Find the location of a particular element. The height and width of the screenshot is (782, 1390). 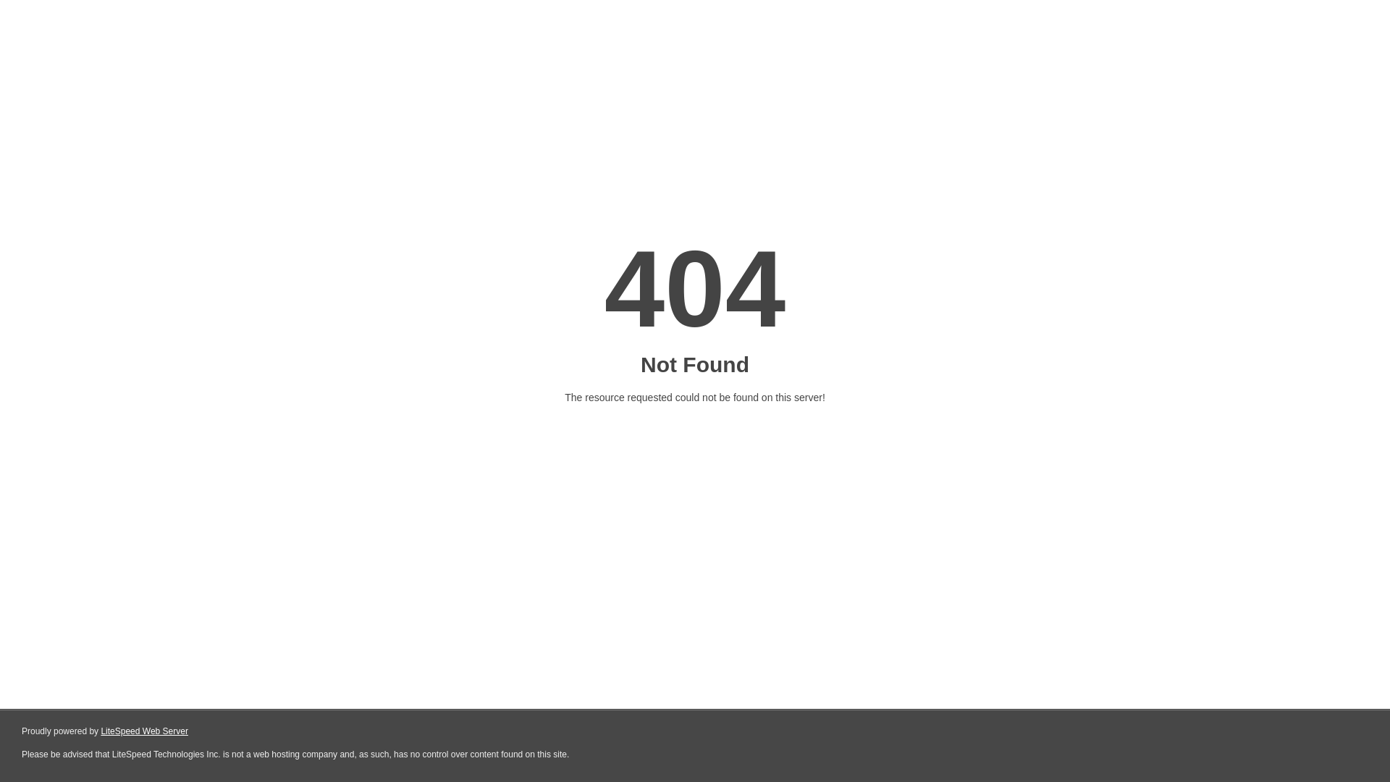

'LiteSpeed Web Server' is located at coordinates (100, 731).